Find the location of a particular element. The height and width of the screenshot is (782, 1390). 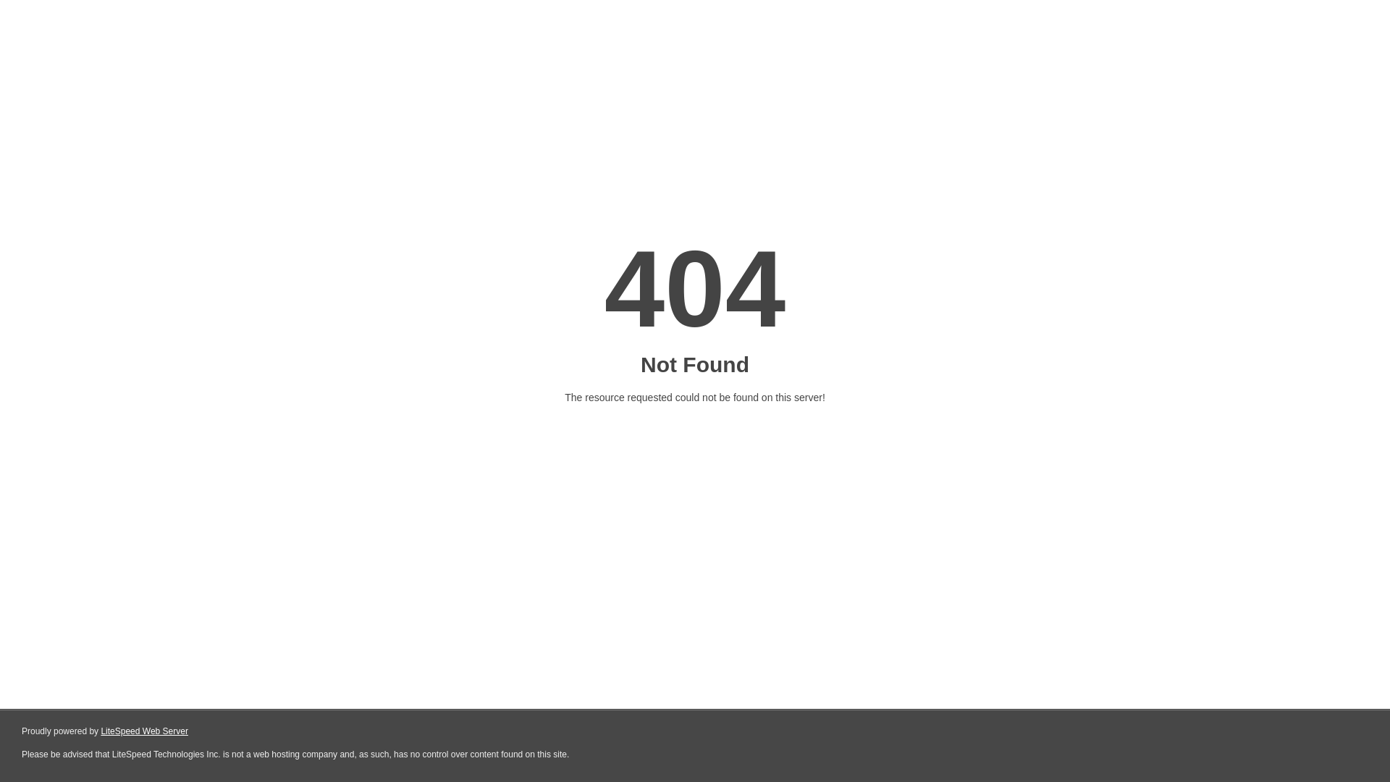

'LiteSpeed Web Server' is located at coordinates (100, 731).